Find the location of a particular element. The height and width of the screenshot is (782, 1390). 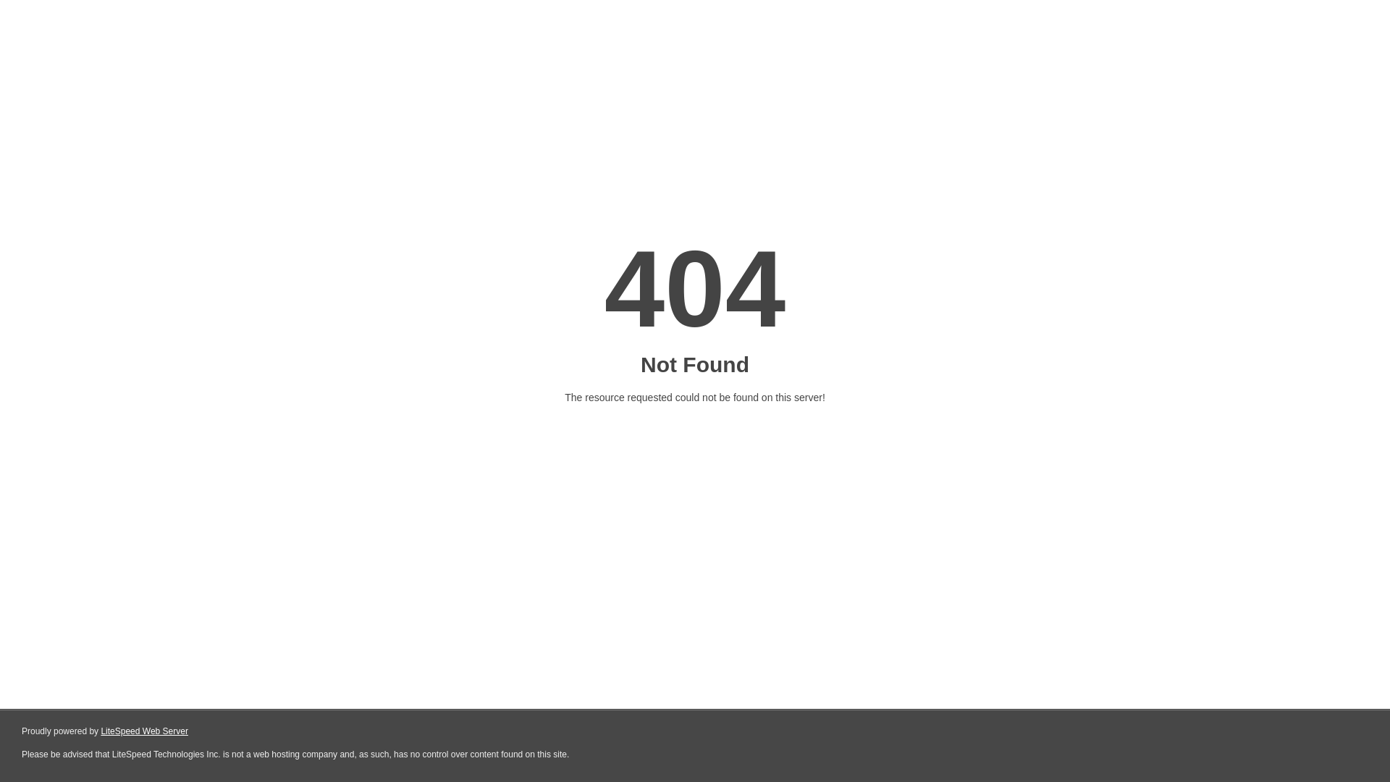

'LiteSpeed Web Server' is located at coordinates (100, 731).